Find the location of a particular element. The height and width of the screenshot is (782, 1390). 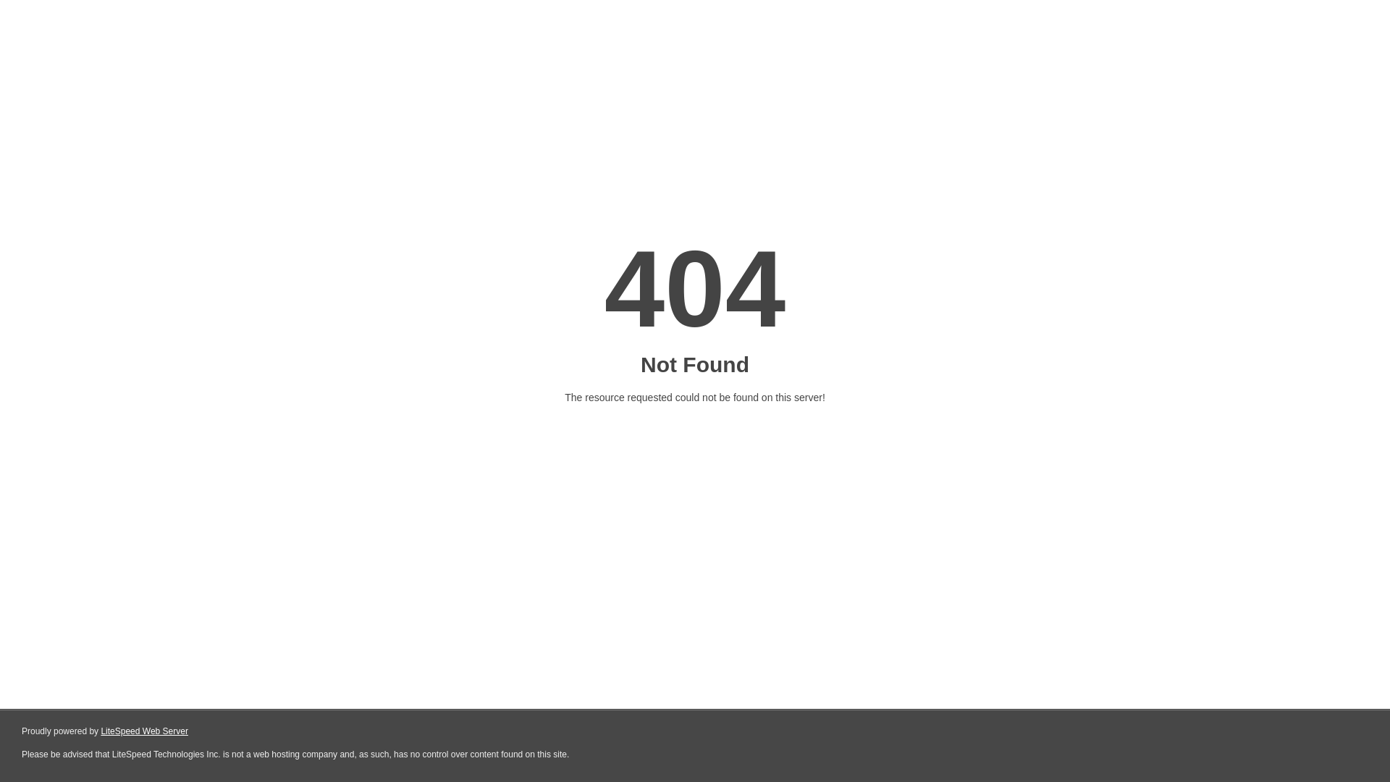

'LiteSpeed Web Server' is located at coordinates (100, 731).